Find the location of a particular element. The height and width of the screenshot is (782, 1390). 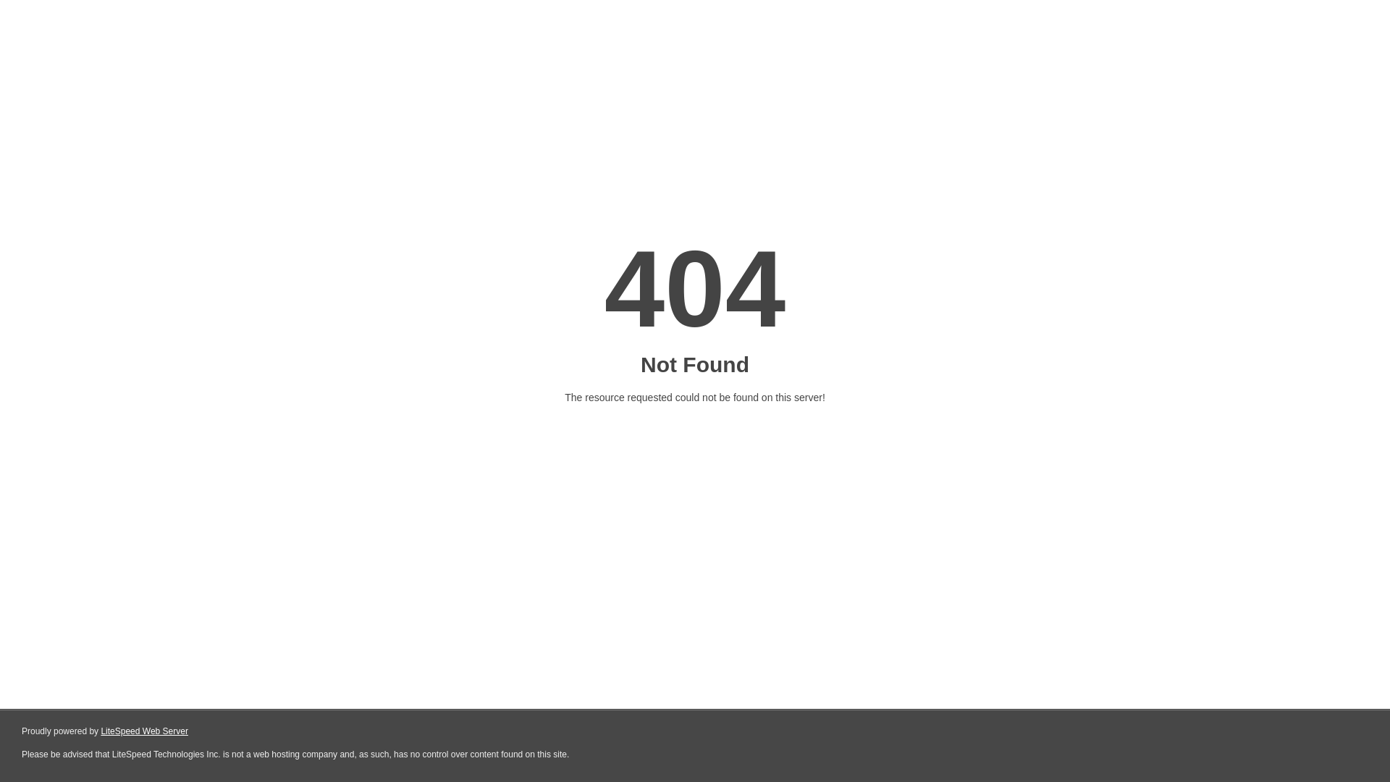

'LiteSpeed Web Server' is located at coordinates (100, 731).